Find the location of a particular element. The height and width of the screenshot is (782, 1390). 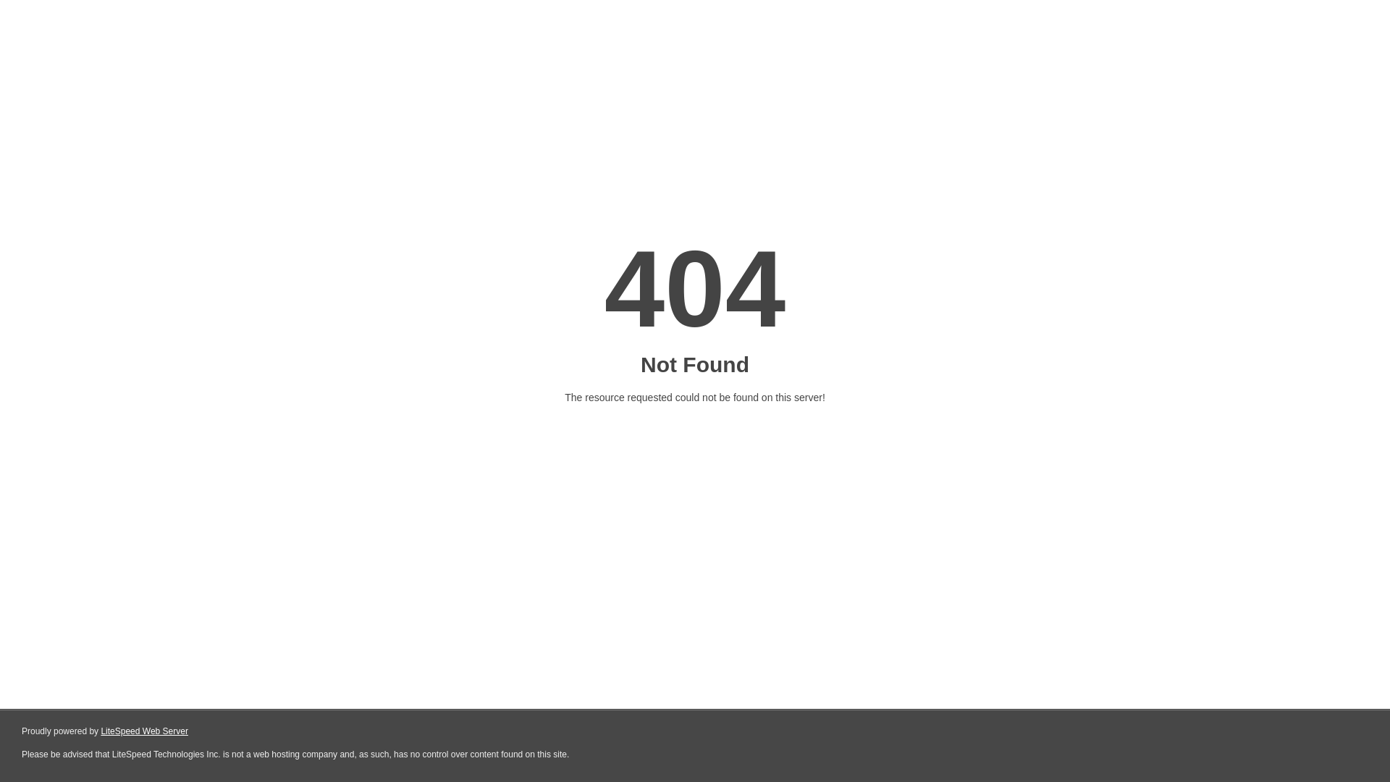

'LiteSpeed Web Server' is located at coordinates (100, 731).